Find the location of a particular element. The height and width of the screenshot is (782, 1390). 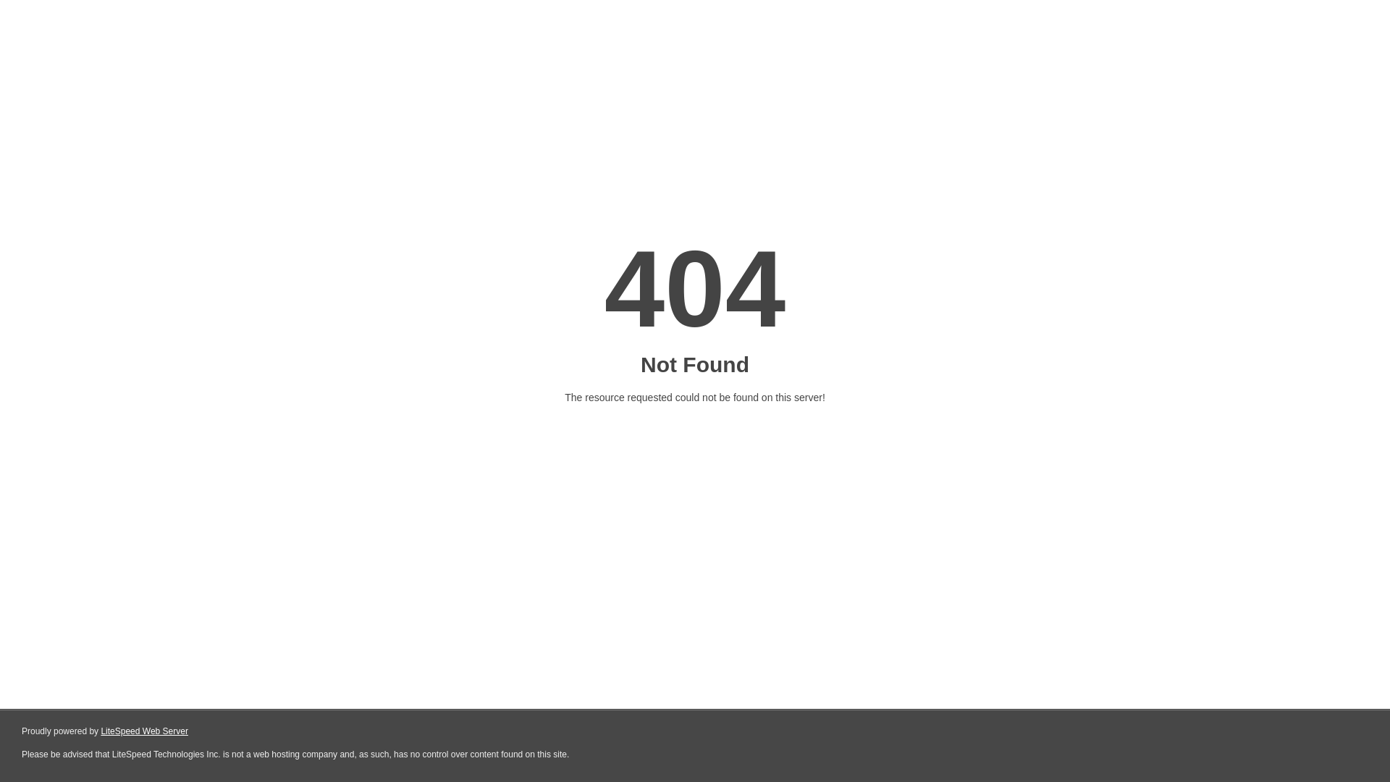

'LiteSpeed Web Server' is located at coordinates (100, 731).